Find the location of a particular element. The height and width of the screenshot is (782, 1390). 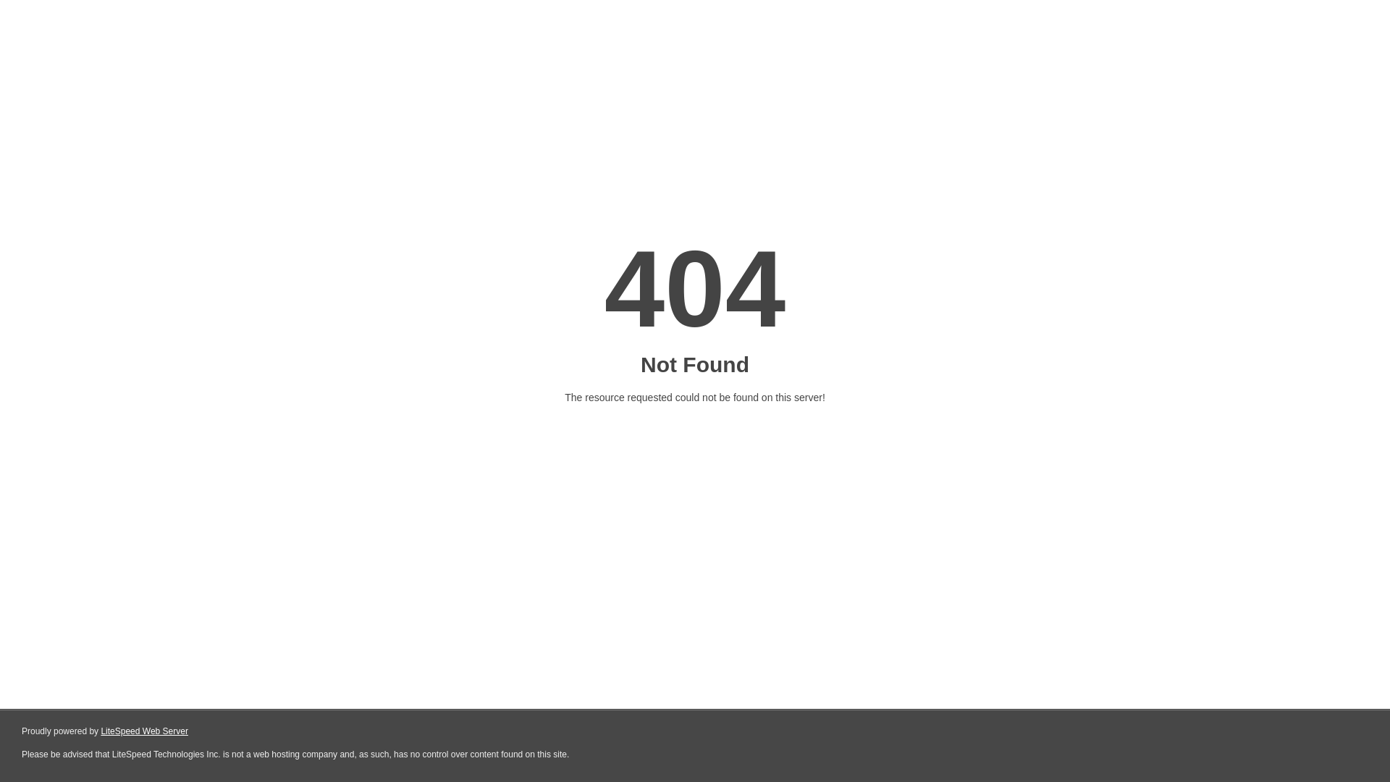

'LiteSpeed Web Server' is located at coordinates (100, 731).